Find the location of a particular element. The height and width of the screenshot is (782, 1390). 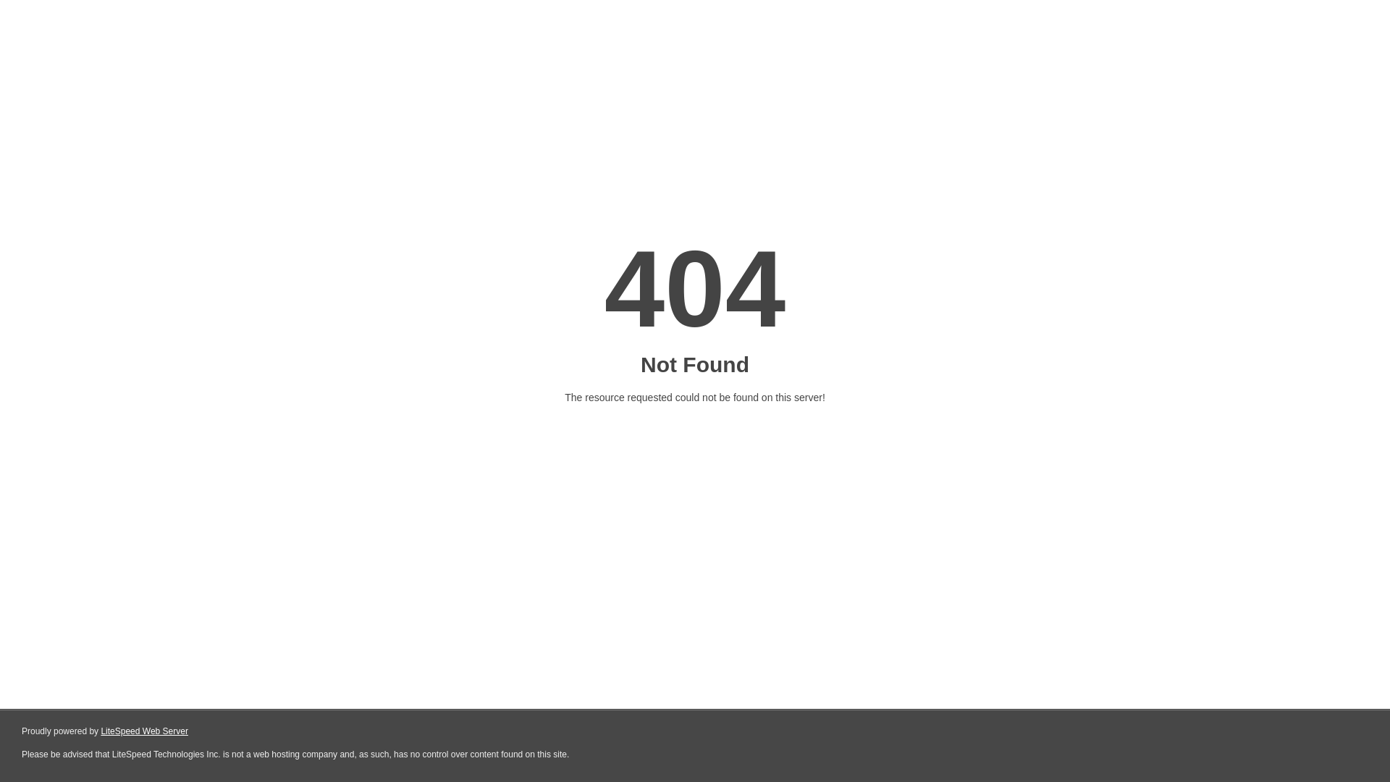

'LiteSpeed Web Server' is located at coordinates (100, 731).